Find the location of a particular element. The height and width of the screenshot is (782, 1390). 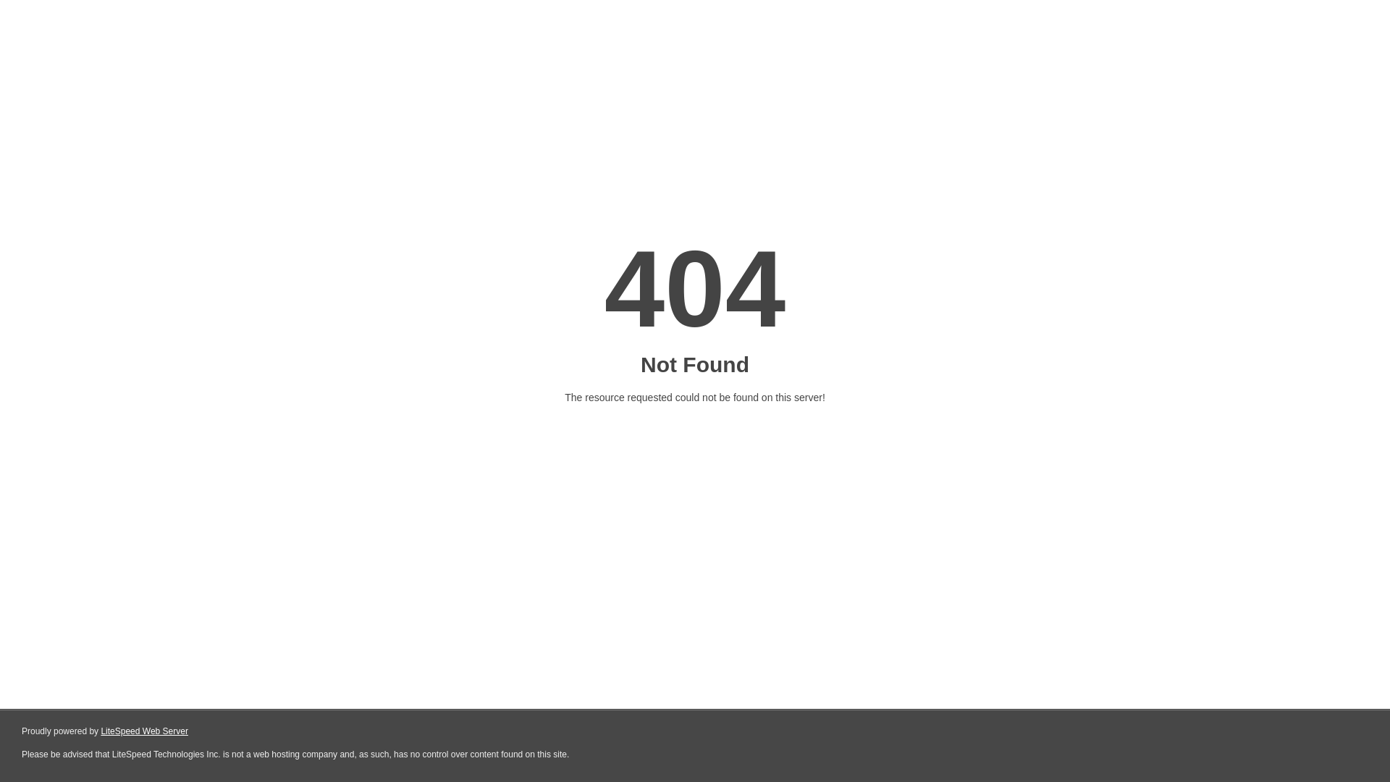

'LiteSpeed Web Server' is located at coordinates (100, 731).